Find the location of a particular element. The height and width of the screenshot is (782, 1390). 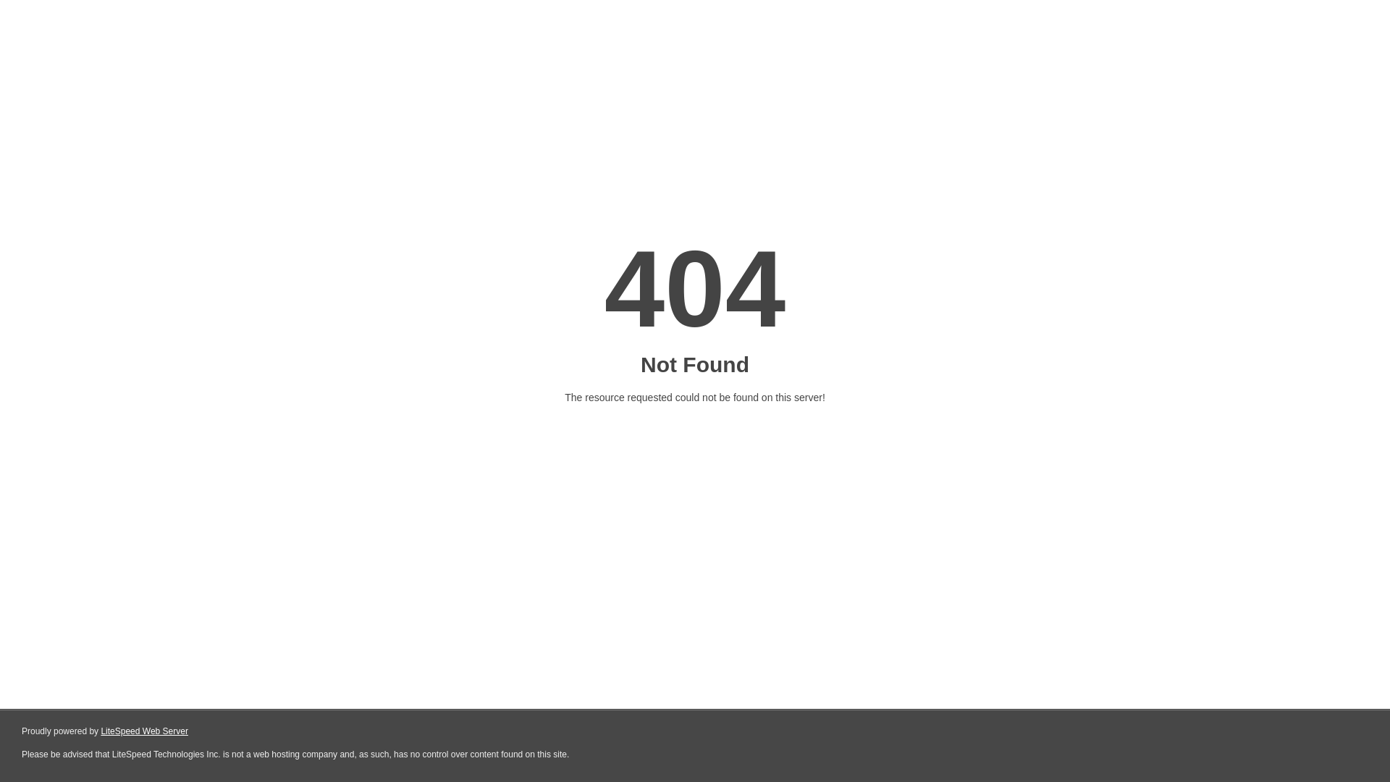

'LiteSpeed Web Server' is located at coordinates (100, 731).